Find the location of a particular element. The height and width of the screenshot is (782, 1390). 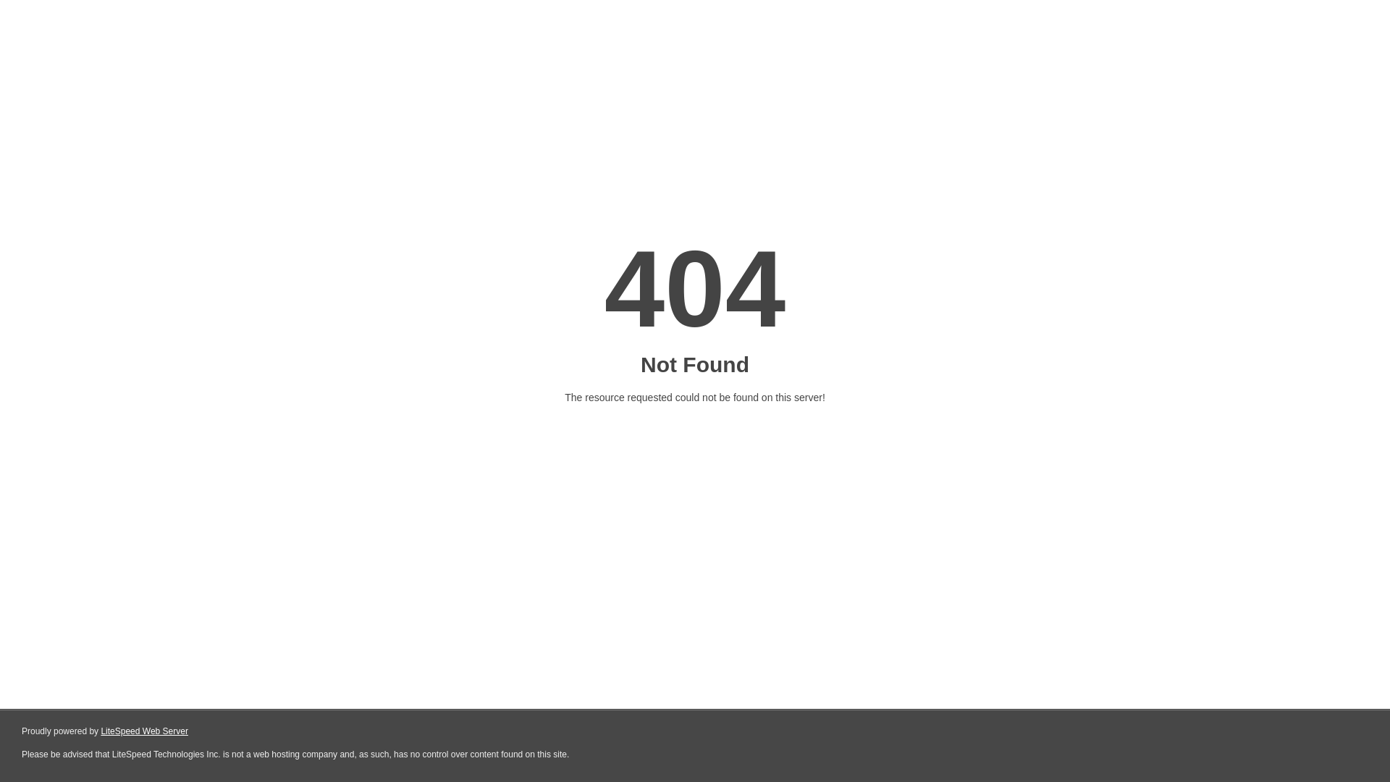

'LiteSpeed Web Server' is located at coordinates (100, 731).